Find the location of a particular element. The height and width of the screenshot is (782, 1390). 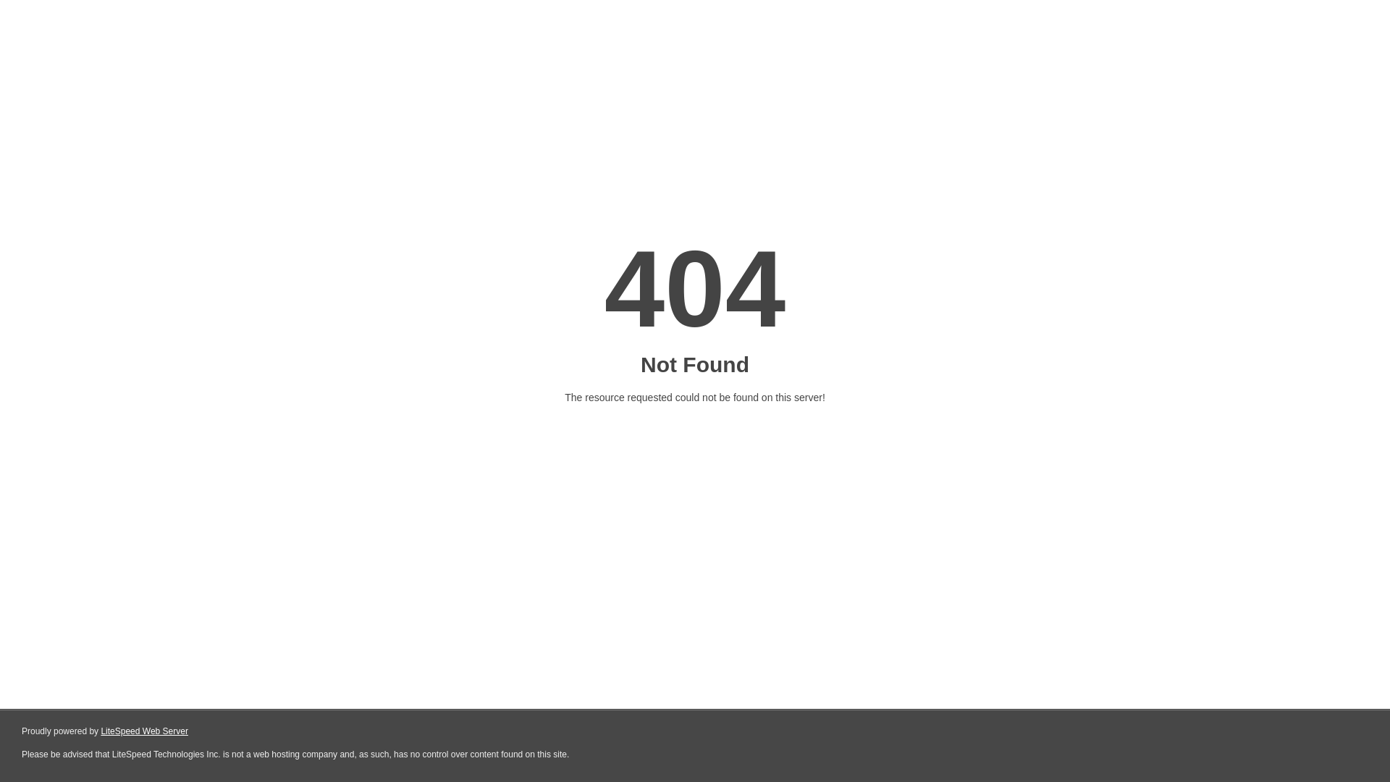

'LiteSpeed Web Server' is located at coordinates (100, 731).